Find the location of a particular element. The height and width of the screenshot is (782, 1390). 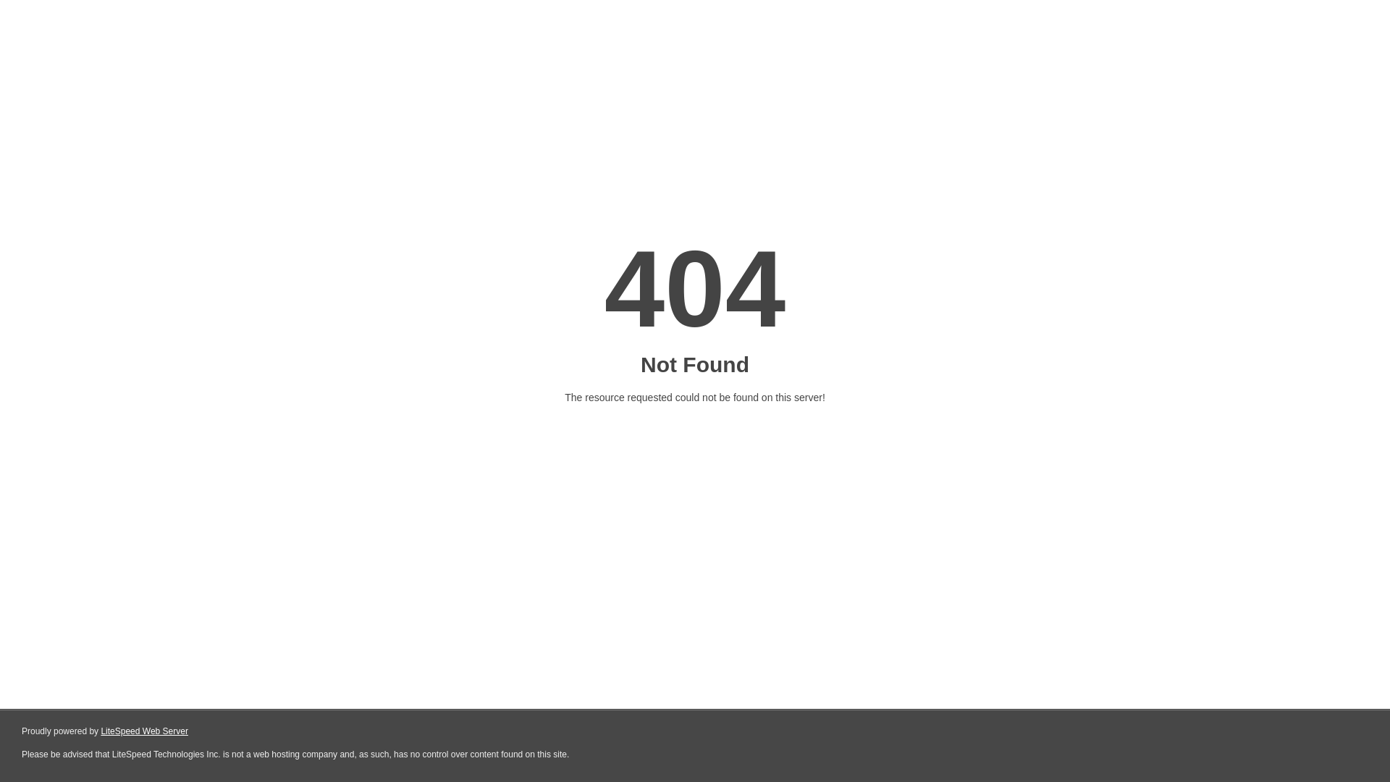

'LiteSpeed Web Server' is located at coordinates (100, 731).